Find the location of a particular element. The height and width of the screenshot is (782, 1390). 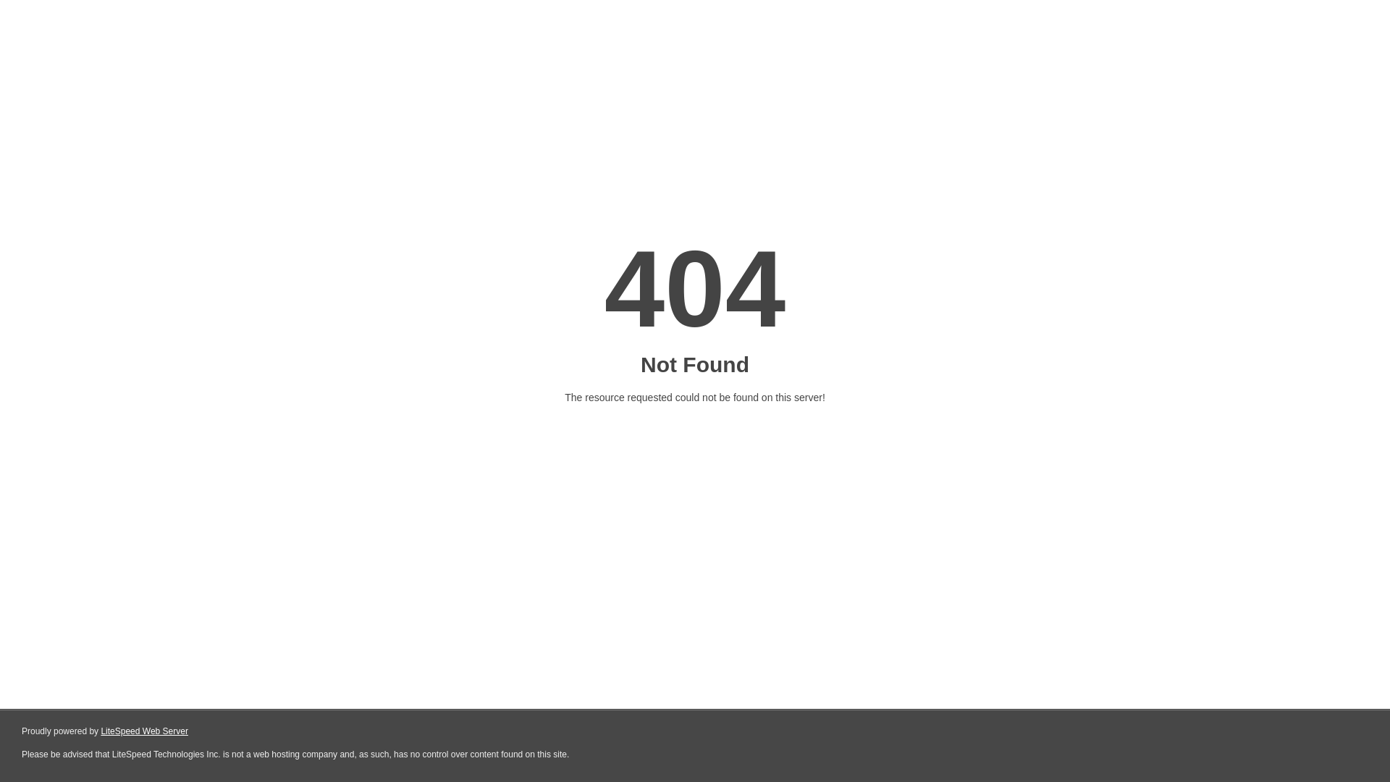

'LiteSpeed Web Server' is located at coordinates (100, 731).